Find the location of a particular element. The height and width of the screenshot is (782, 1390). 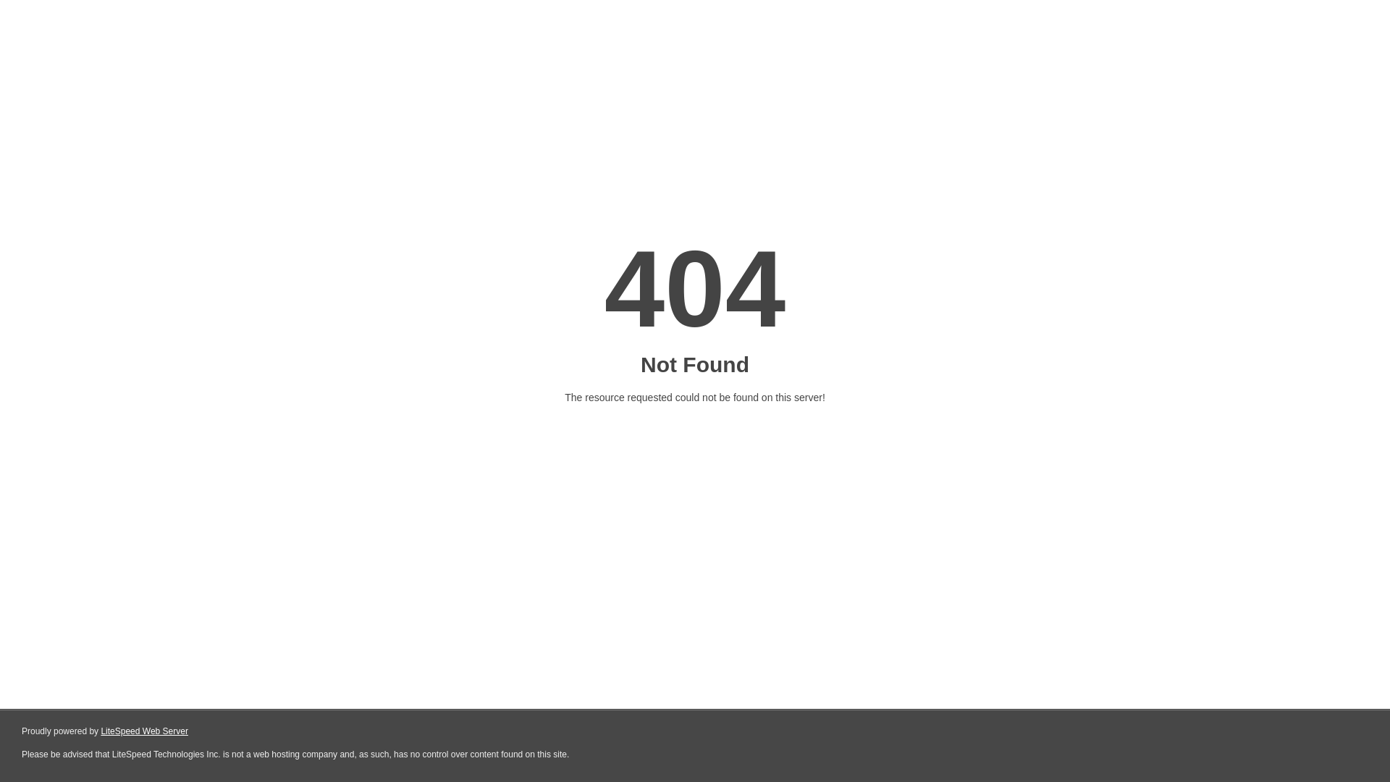

'LiteSpeed Web Server' is located at coordinates (100, 731).